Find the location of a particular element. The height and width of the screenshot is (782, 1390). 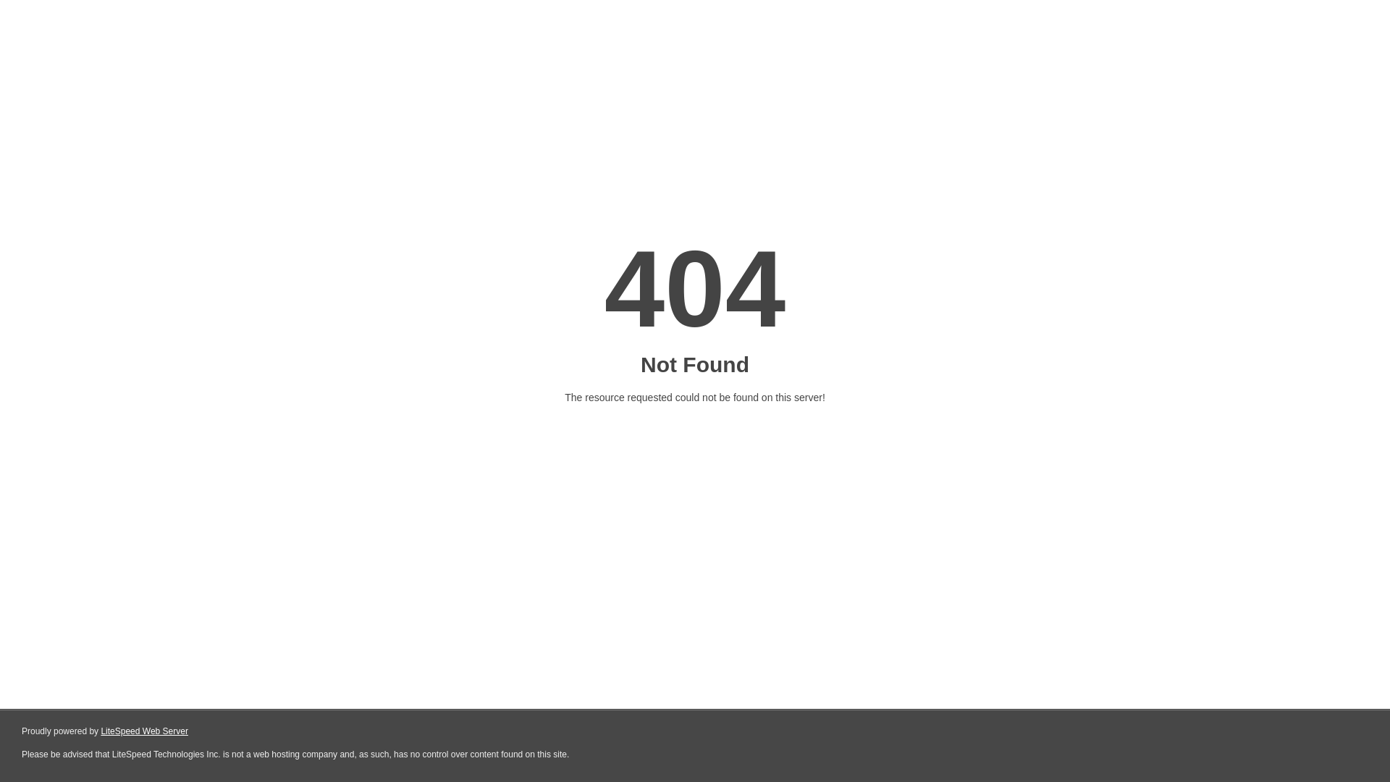

'LiteSpeed Web Server' is located at coordinates (100, 731).